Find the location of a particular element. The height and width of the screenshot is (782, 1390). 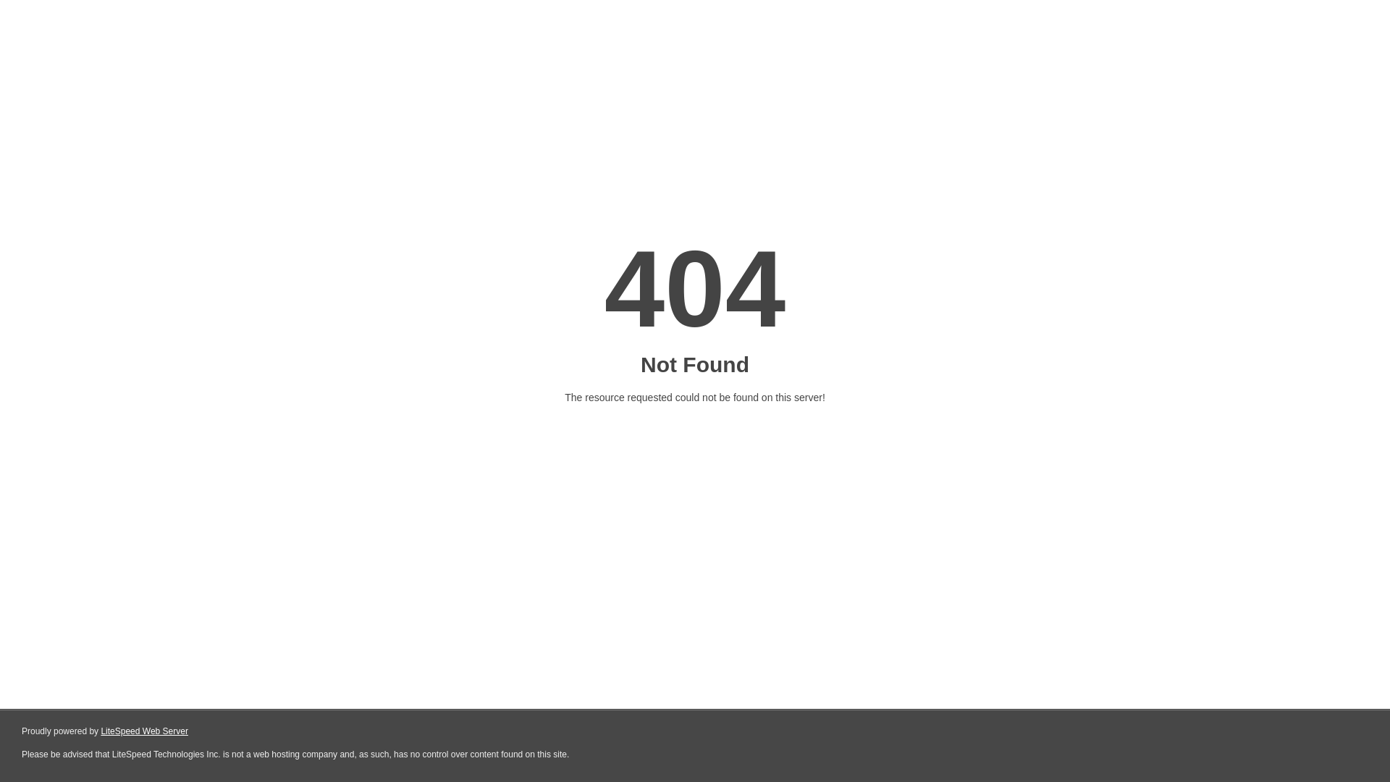

'LiteSpeed Web Server' is located at coordinates (100, 731).